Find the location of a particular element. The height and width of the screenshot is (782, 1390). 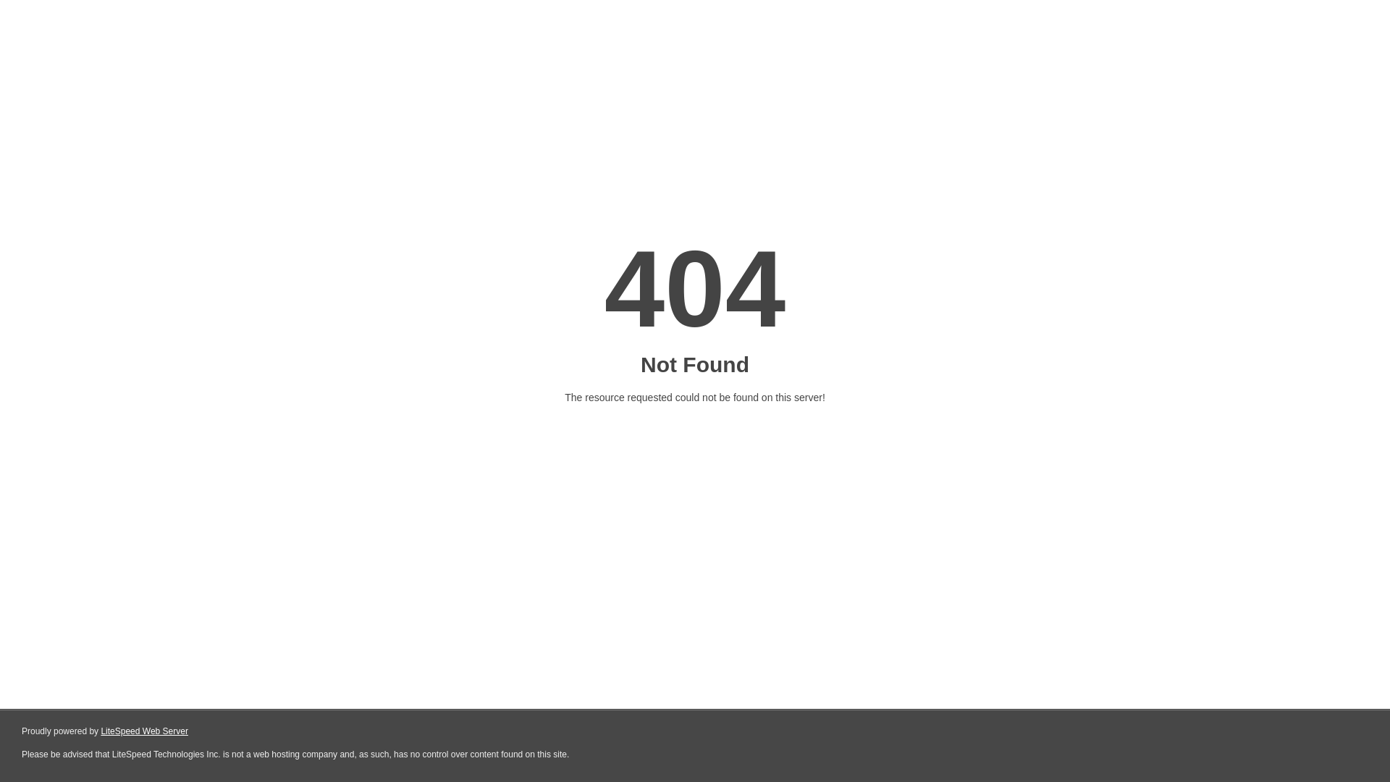

'LiteSpeed Web Server' is located at coordinates (100, 731).